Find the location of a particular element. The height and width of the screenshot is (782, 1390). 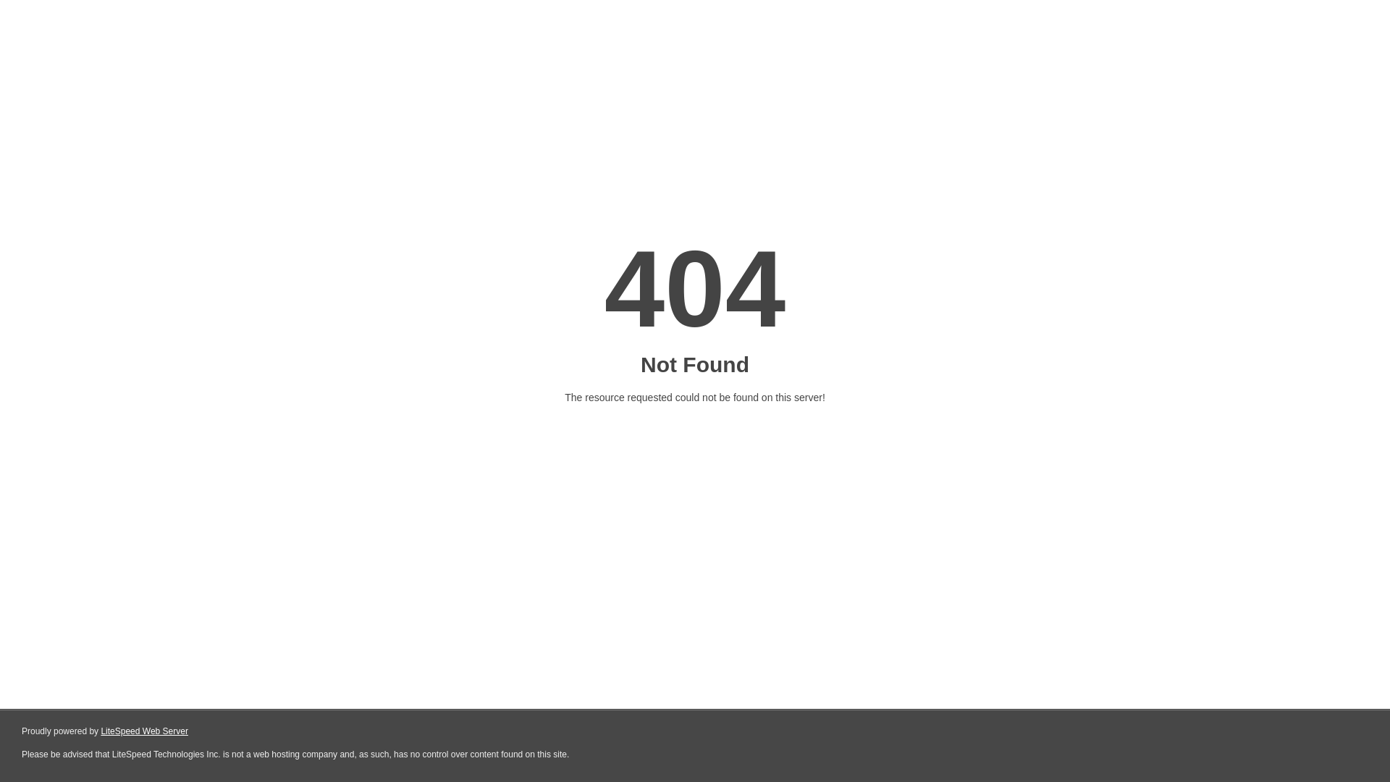

'LiteSpeed Web Server' is located at coordinates (100, 731).